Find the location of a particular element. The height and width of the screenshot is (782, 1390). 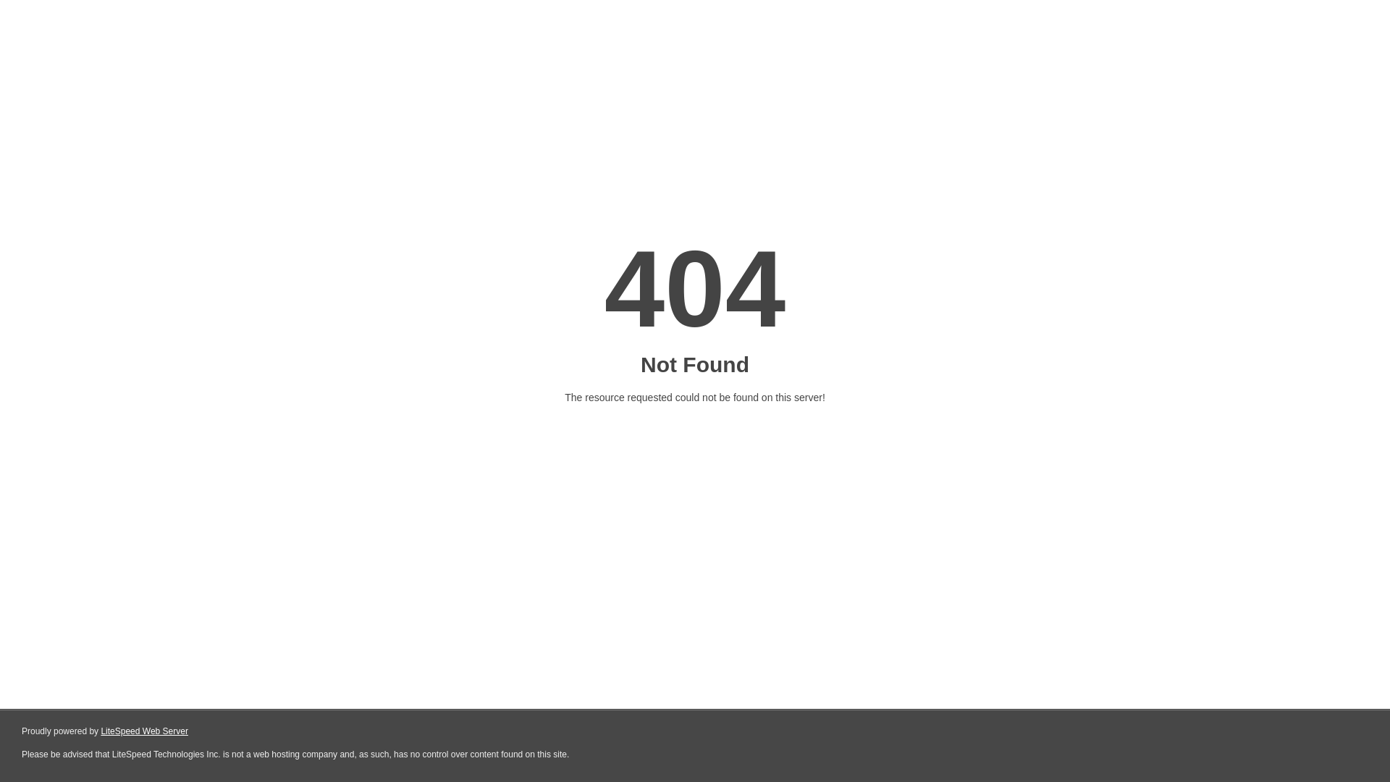

'LiteSpeed Web Server' is located at coordinates (100, 731).